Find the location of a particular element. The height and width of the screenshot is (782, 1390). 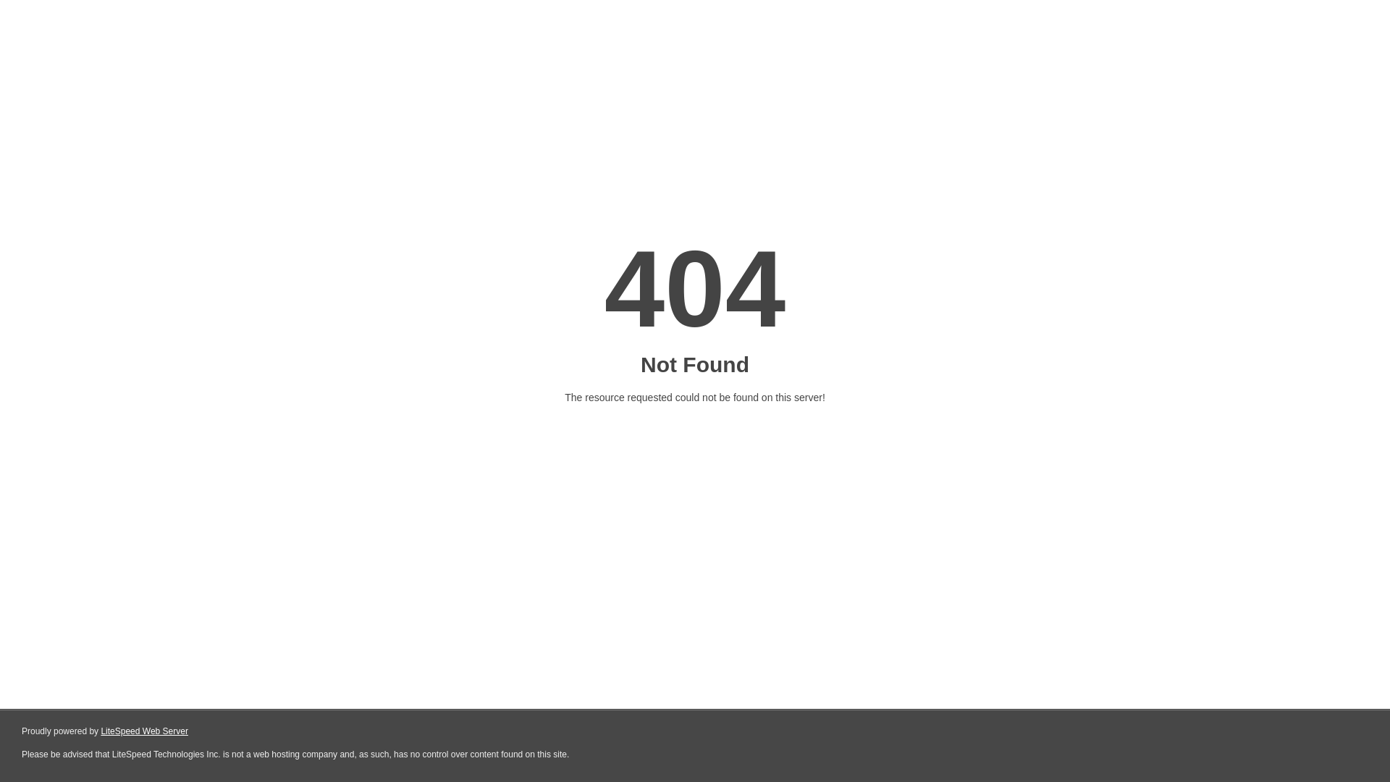

'LiteSpeed Web Server' is located at coordinates (100, 731).